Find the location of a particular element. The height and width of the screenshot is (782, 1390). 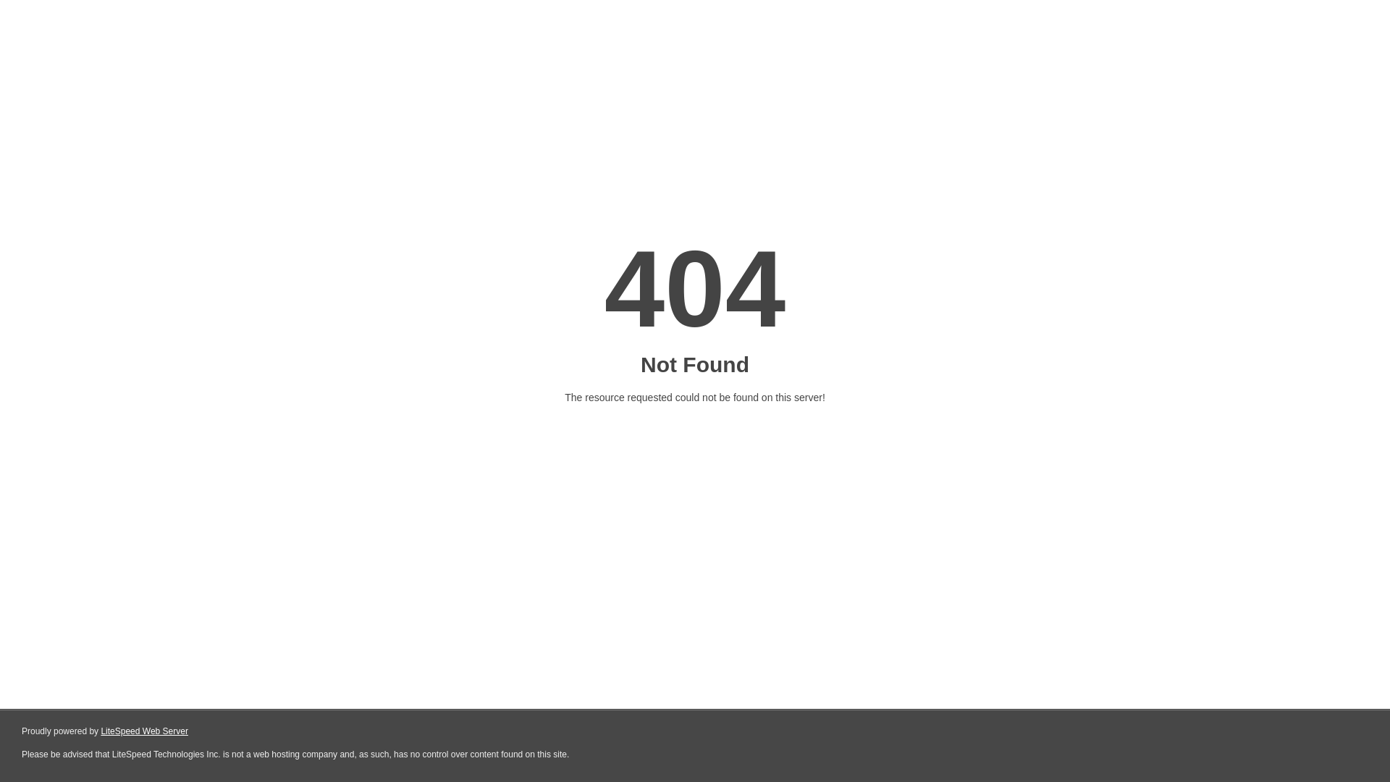

'LiteSpeed Web Server' is located at coordinates (100, 731).